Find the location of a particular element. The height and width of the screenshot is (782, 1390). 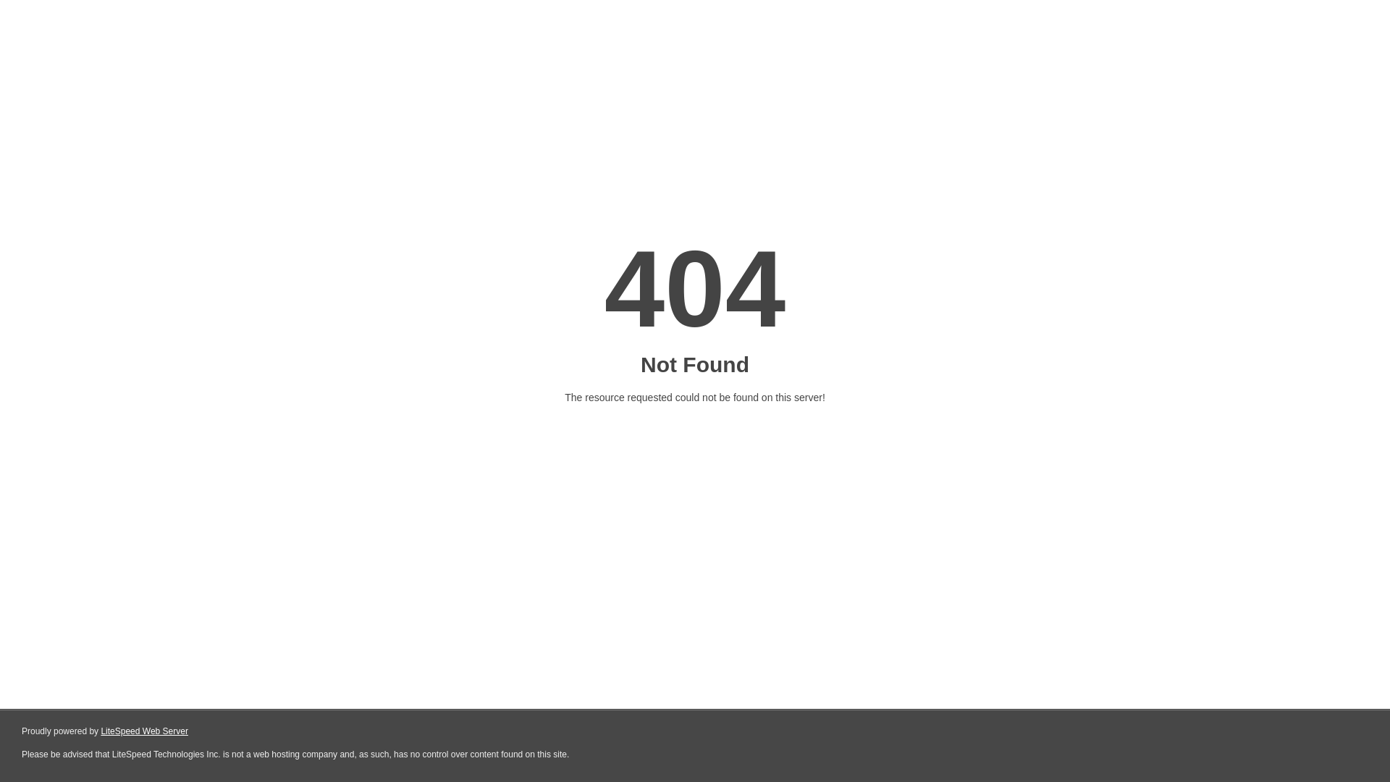

'LiteSpeed Web Server' is located at coordinates (100, 731).